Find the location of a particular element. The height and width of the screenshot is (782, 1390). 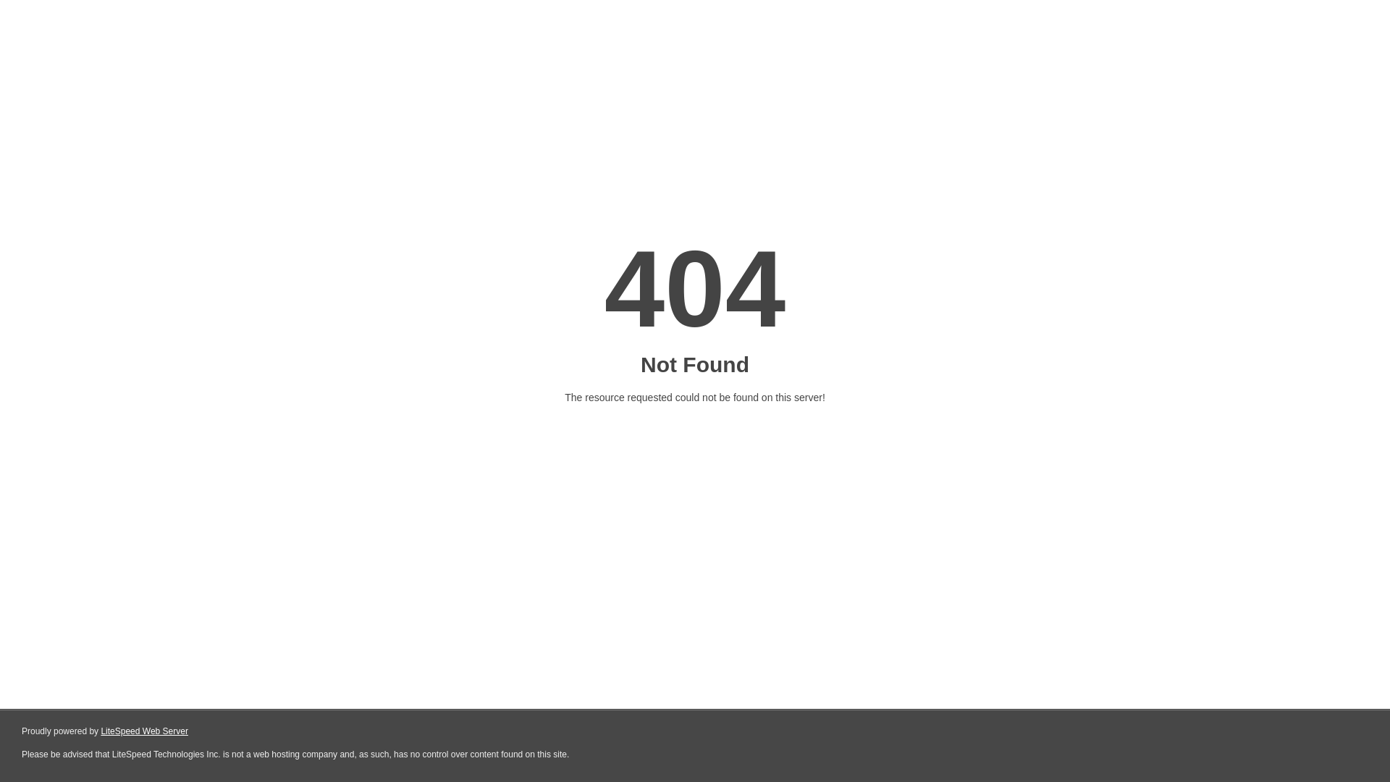

'LiteSpeed Web Server' is located at coordinates (100, 731).